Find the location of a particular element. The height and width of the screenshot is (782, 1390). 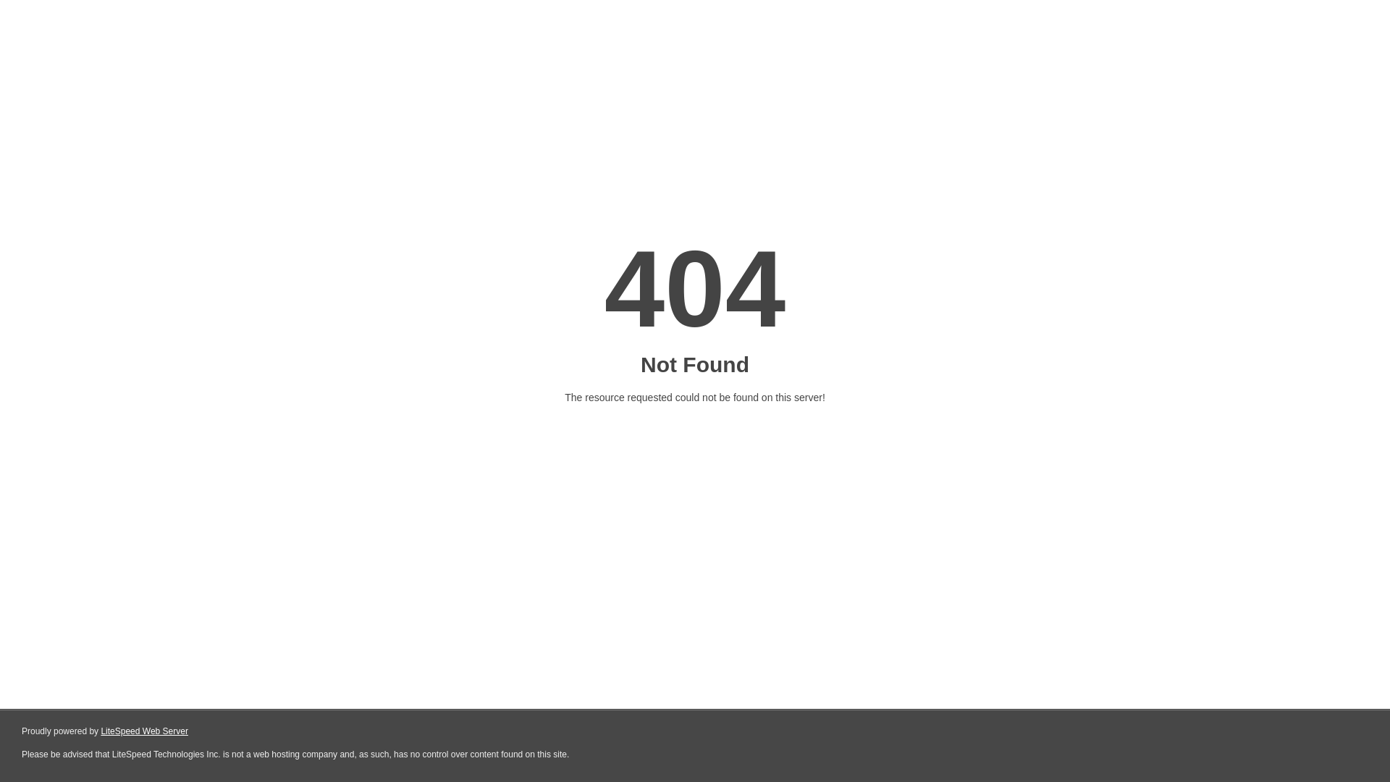

'LiteSpeed Web Server' is located at coordinates (100, 731).